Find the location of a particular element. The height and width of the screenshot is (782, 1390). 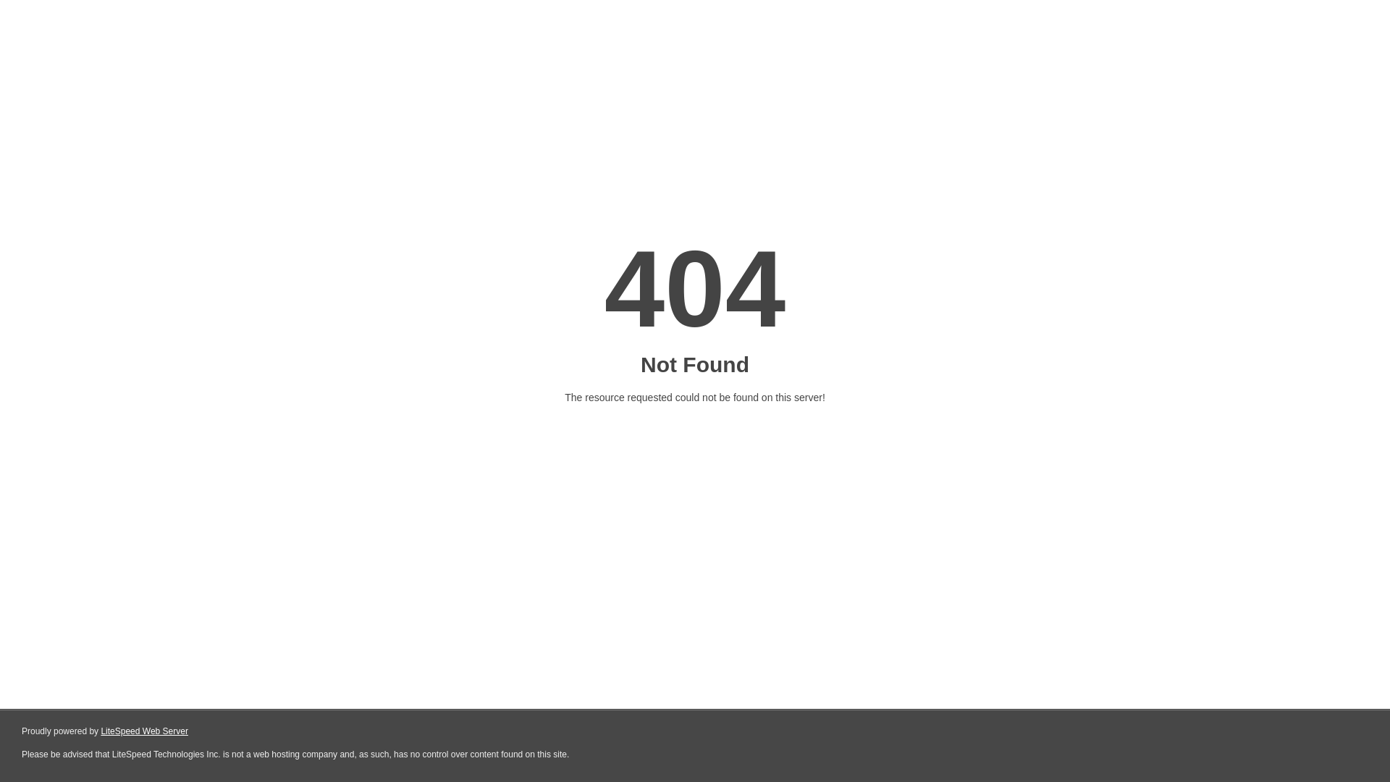

'LiteSpeed Web Server' is located at coordinates (100, 731).